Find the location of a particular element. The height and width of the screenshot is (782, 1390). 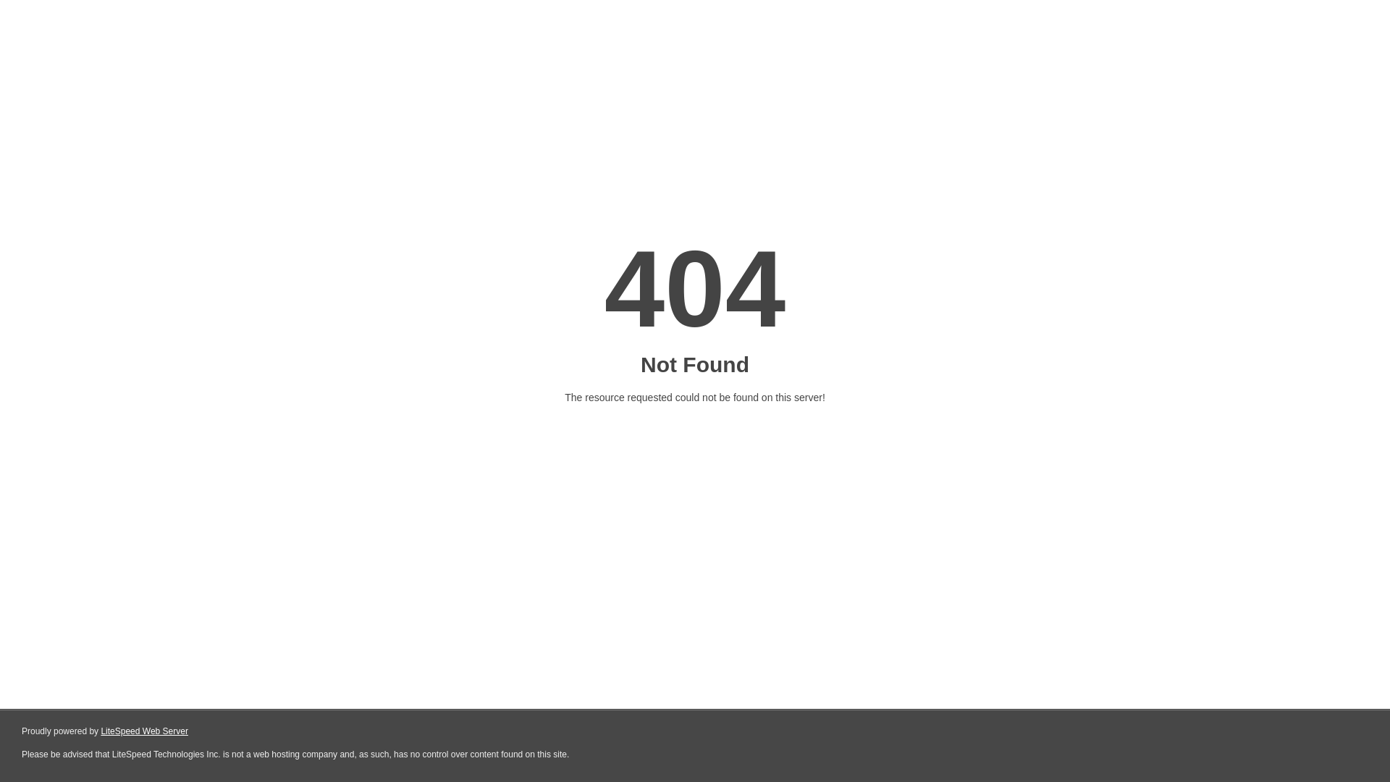

'LiteSpeed Web Server' is located at coordinates (100, 731).